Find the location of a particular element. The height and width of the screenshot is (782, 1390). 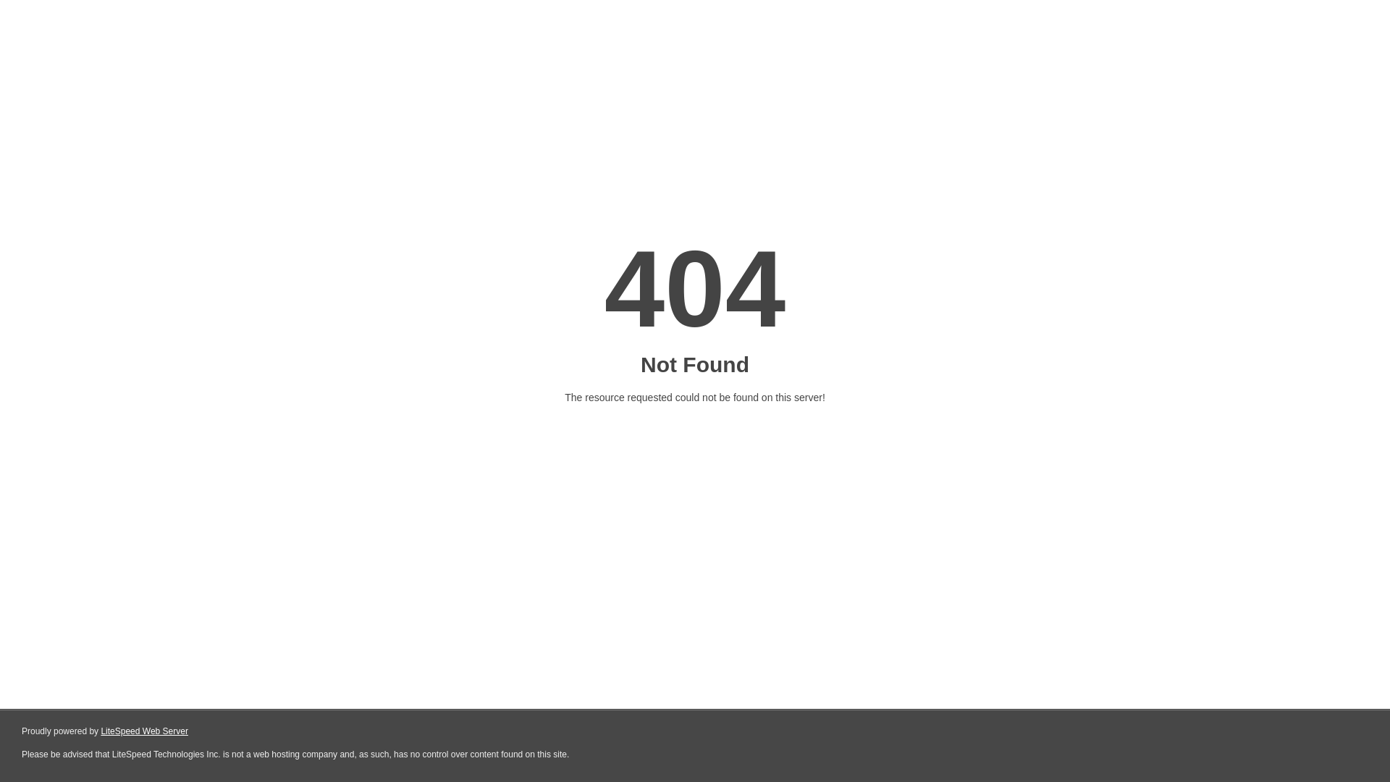

'LiteSpeed Web Server' is located at coordinates (100, 731).